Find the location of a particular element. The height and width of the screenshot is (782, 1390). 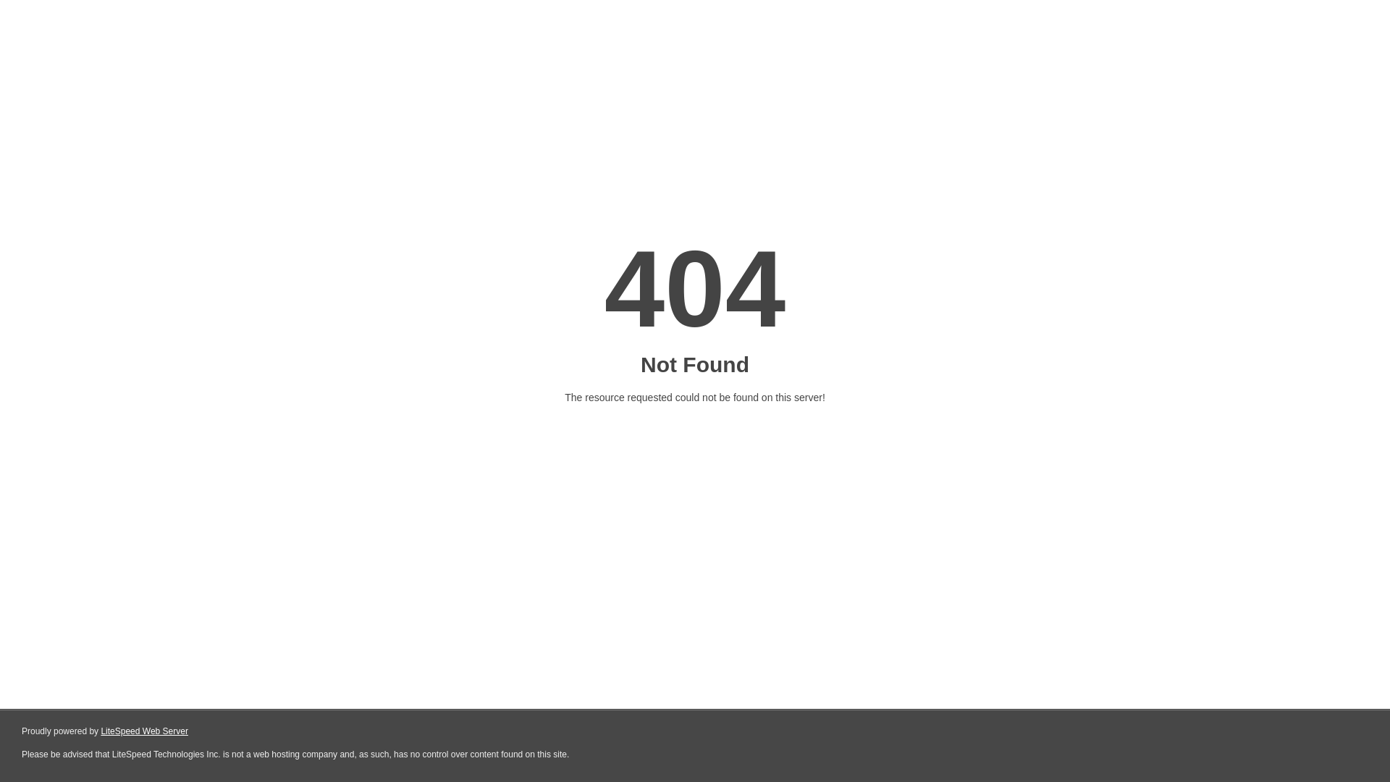

'LiteSpeed Web Server' is located at coordinates (100, 731).